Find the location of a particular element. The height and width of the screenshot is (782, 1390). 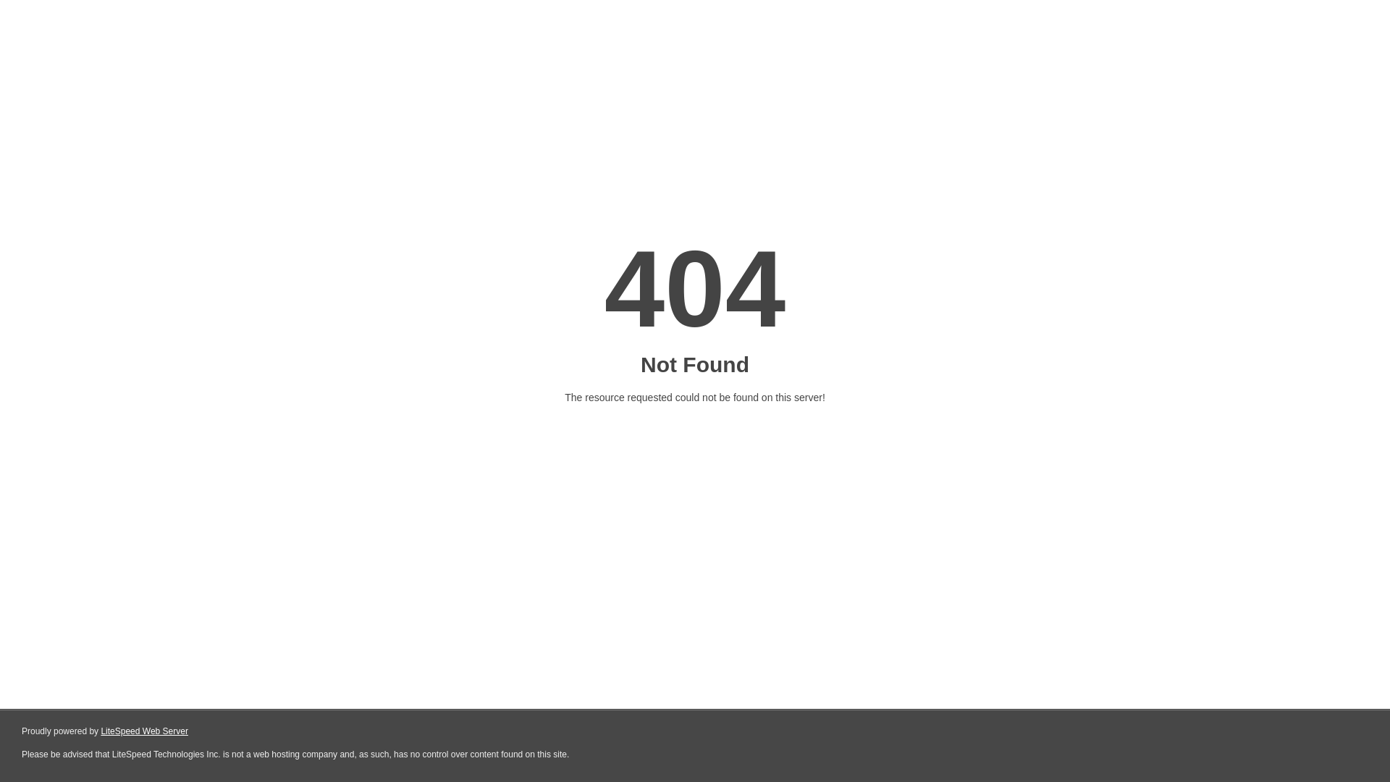

'LiteSpeed Web Server' is located at coordinates (100, 731).